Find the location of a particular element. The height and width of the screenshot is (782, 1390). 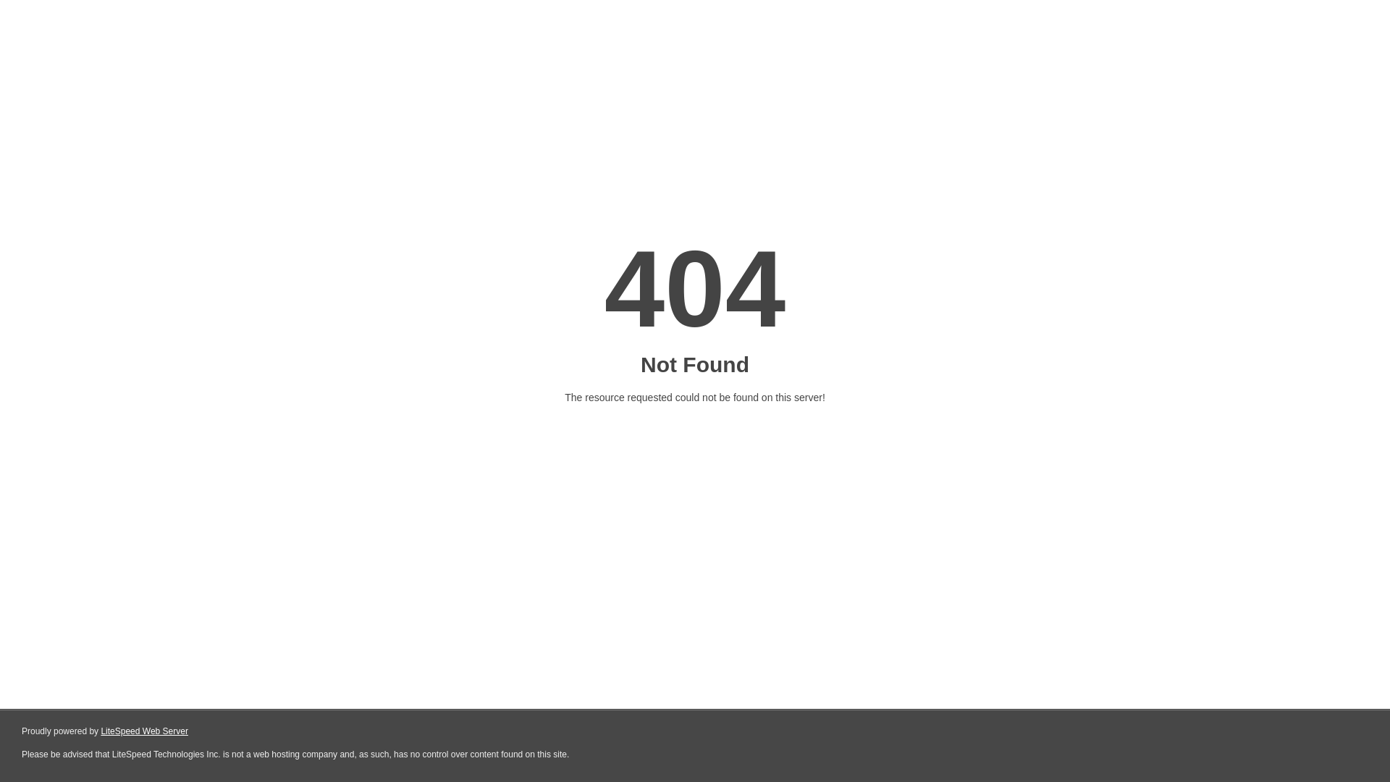

'LiteSpeed Web Server' is located at coordinates (100, 731).